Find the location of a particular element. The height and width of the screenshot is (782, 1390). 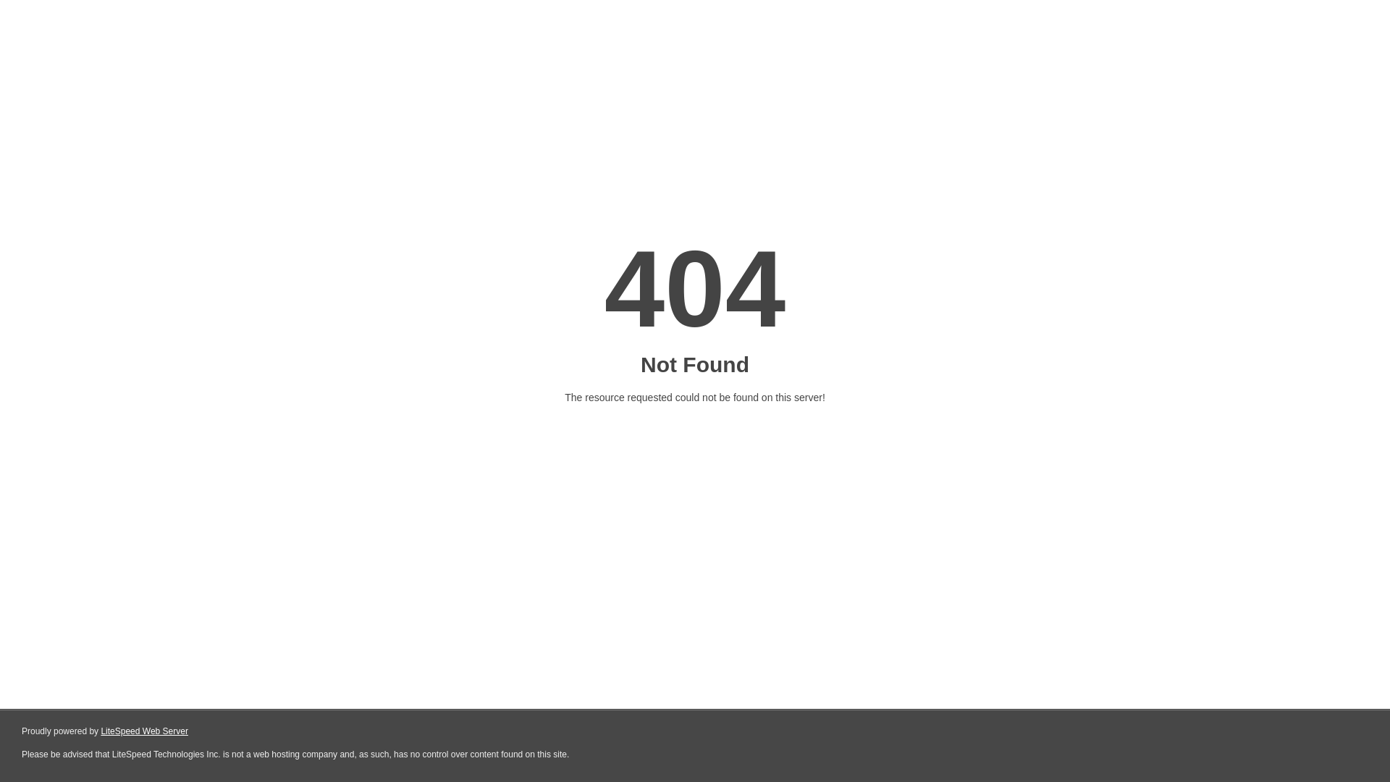

'LiteSpeed Web Server' is located at coordinates (100, 731).